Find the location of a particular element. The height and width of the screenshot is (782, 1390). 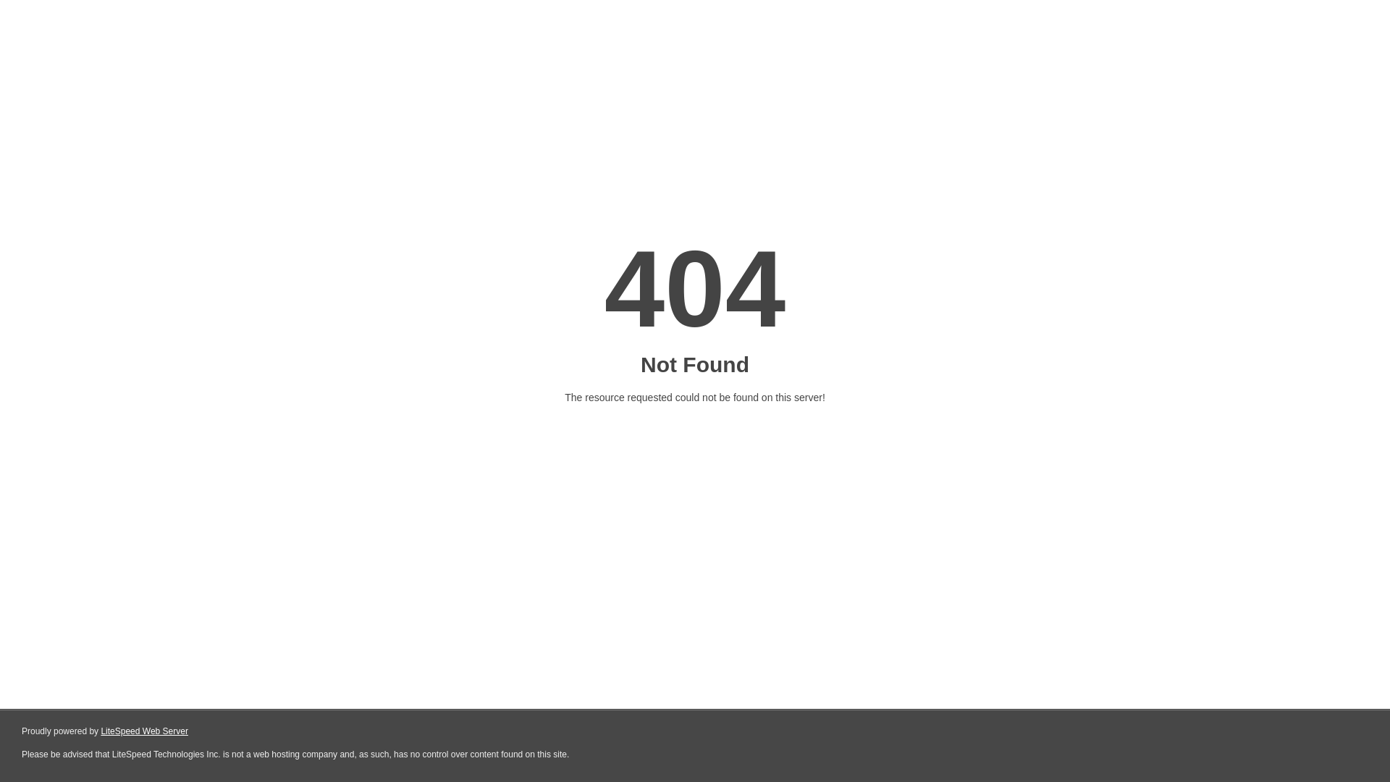

'LiteSpeed Web Server' is located at coordinates (100, 731).